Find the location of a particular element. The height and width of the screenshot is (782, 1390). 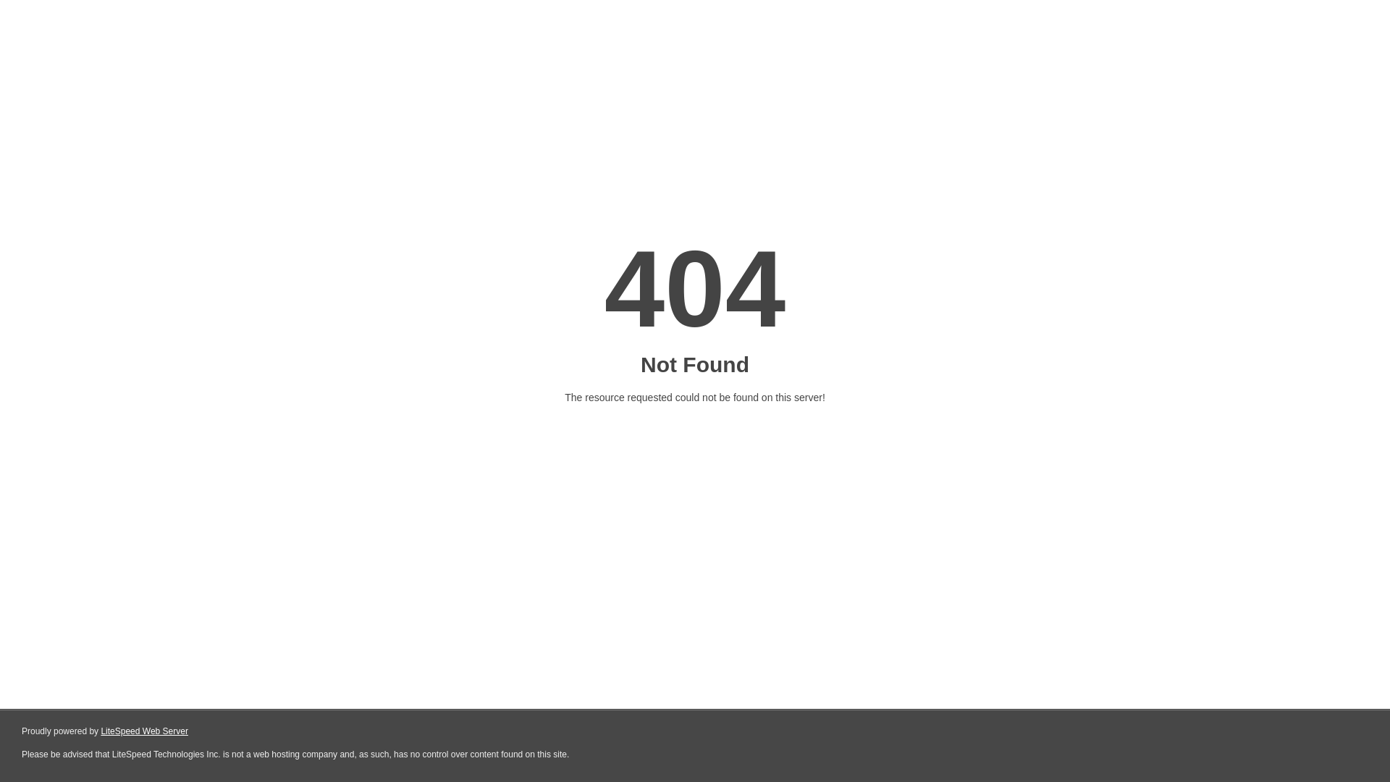

'LiteSpeed Web Server' is located at coordinates (100, 731).